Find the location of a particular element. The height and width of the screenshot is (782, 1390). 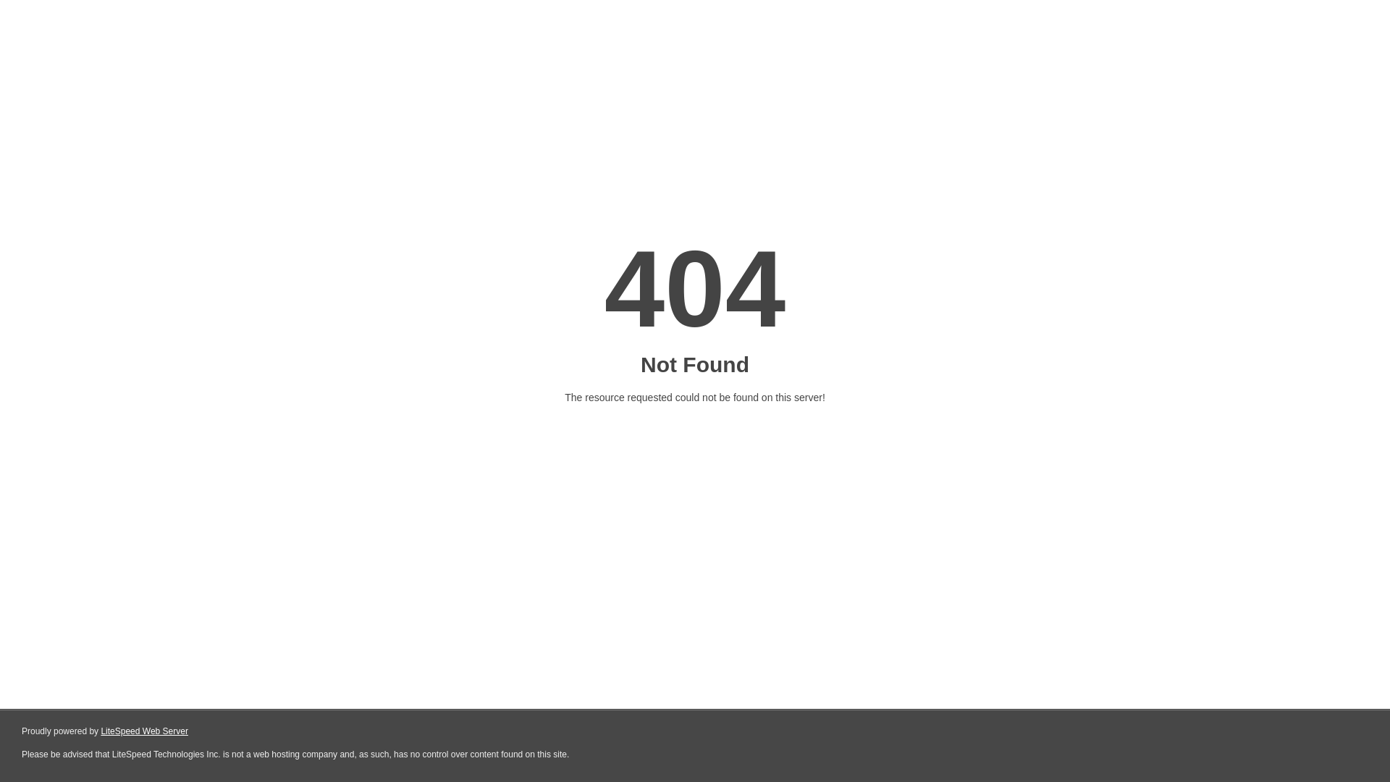

'LiteSpeed Web Server' is located at coordinates (100, 731).